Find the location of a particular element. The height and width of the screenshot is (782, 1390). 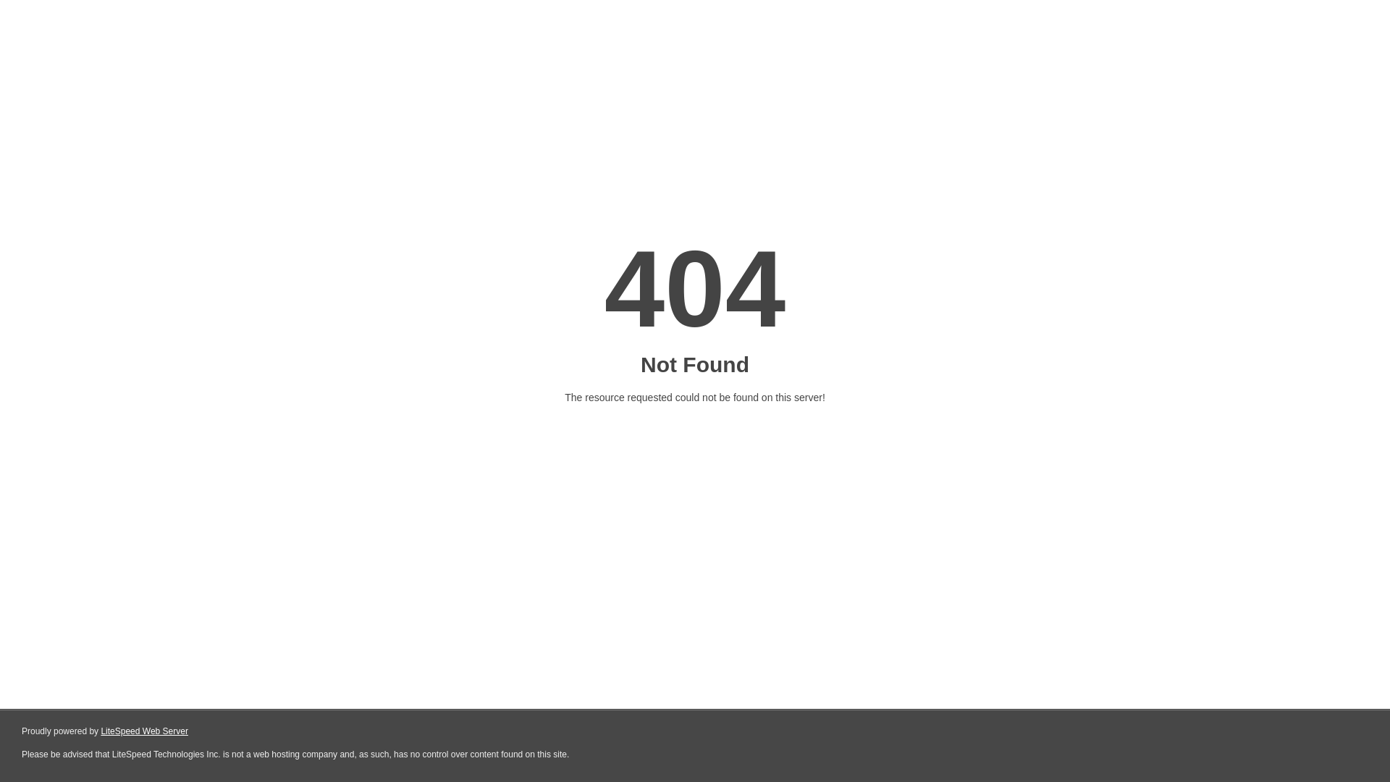

'LiteSpeed Web Server' is located at coordinates (100, 731).